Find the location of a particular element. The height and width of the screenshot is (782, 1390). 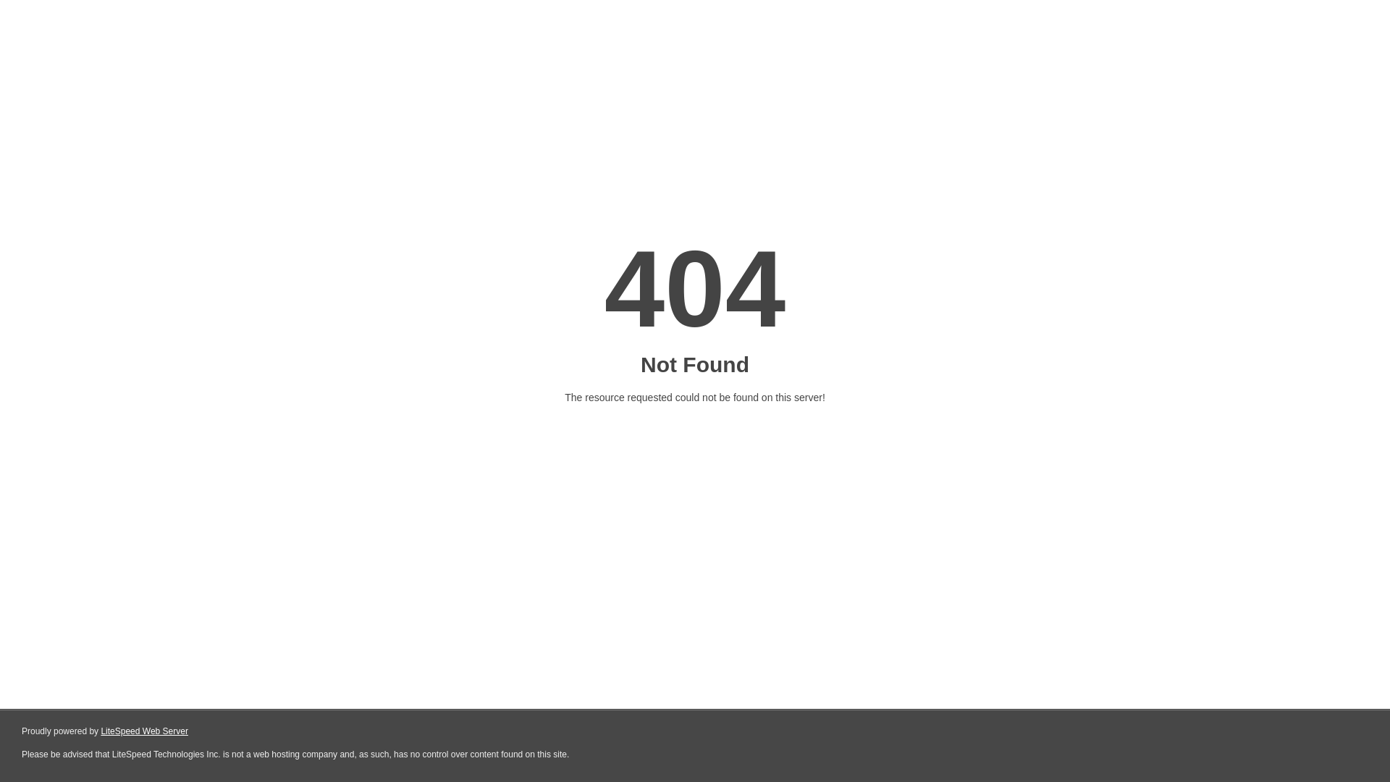

'LiteSpeed Web Server' is located at coordinates (100, 731).